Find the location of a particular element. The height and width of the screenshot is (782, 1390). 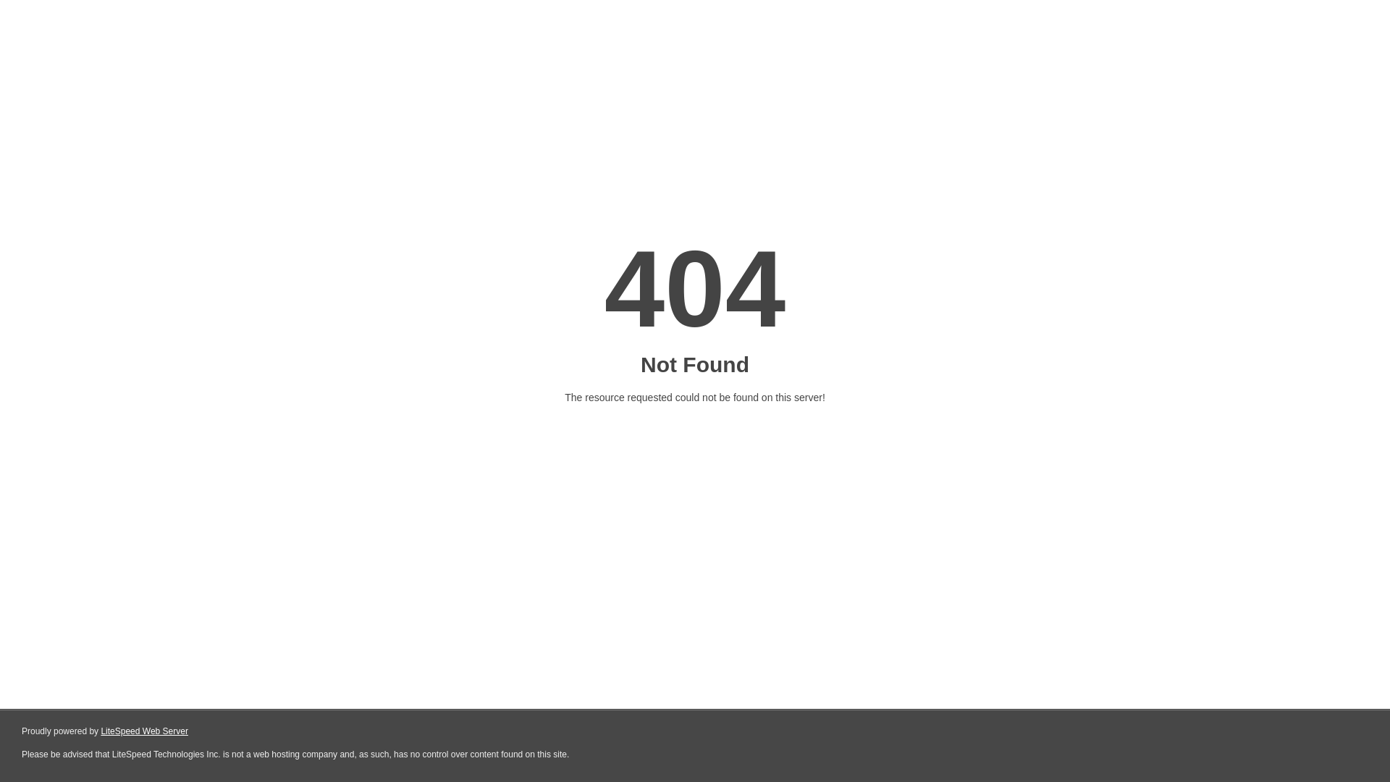

'LiteSpeed Web Server' is located at coordinates (100, 731).